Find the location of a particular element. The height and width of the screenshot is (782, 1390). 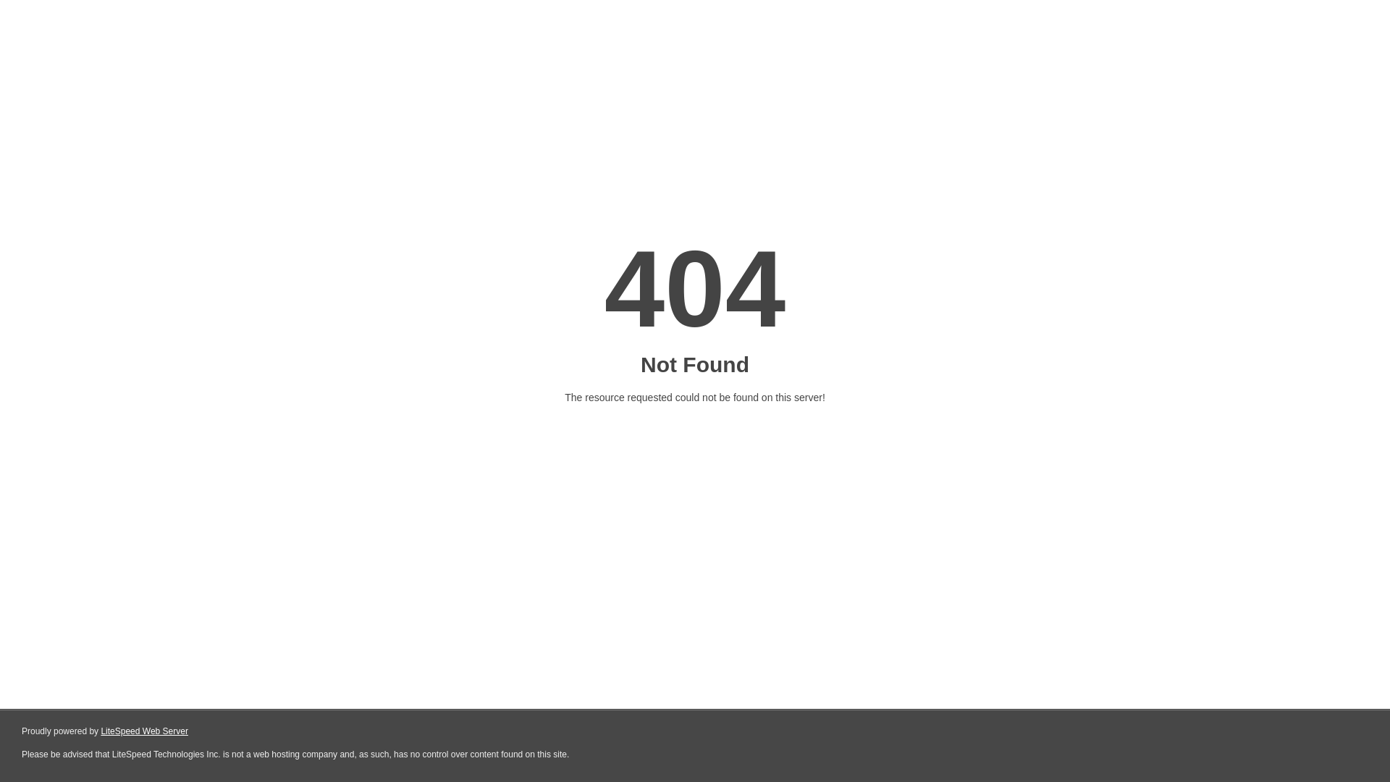

'LiteSpeed Web Server' is located at coordinates (100, 731).